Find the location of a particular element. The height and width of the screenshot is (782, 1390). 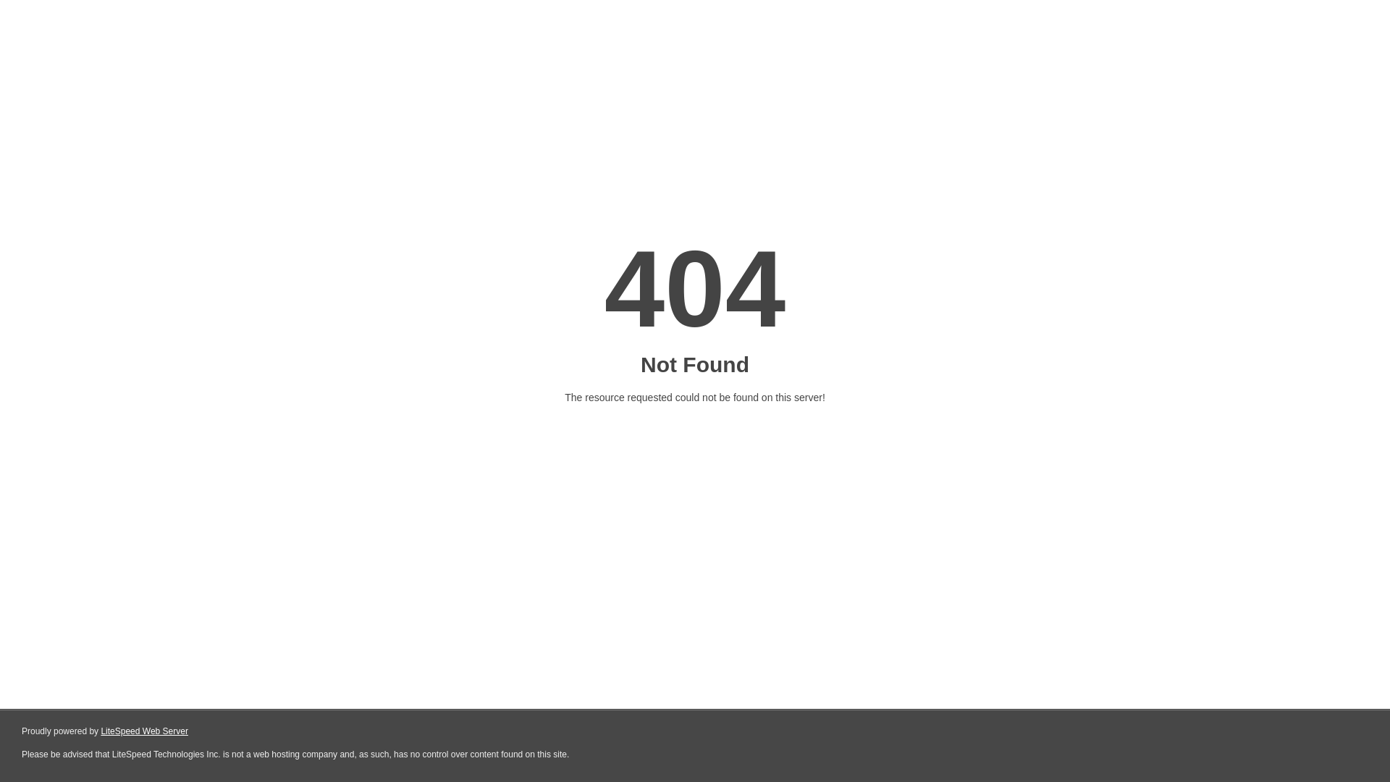

'LiteSpeed Web Server' is located at coordinates (100, 731).